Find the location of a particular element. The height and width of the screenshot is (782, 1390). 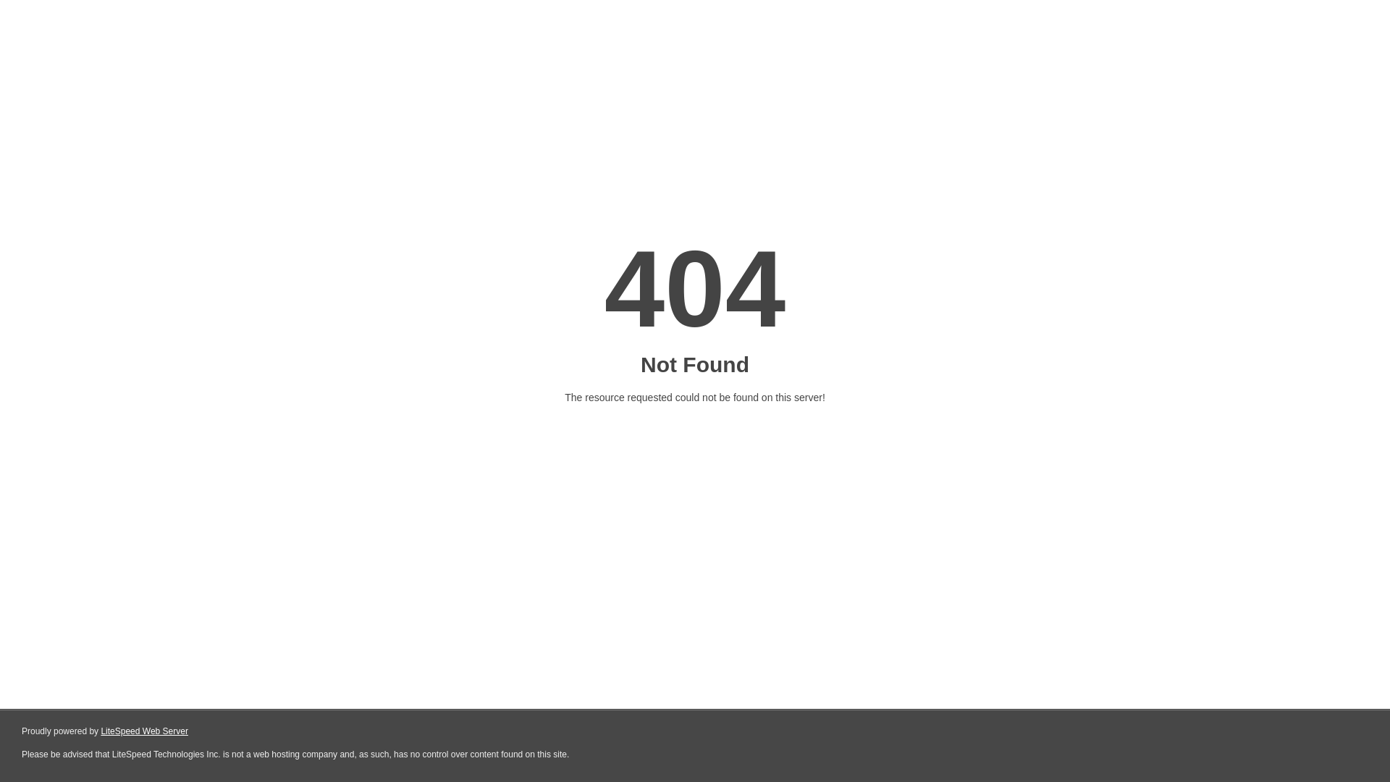

'LiteSpeed Web Server' is located at coordinates (100, 731).